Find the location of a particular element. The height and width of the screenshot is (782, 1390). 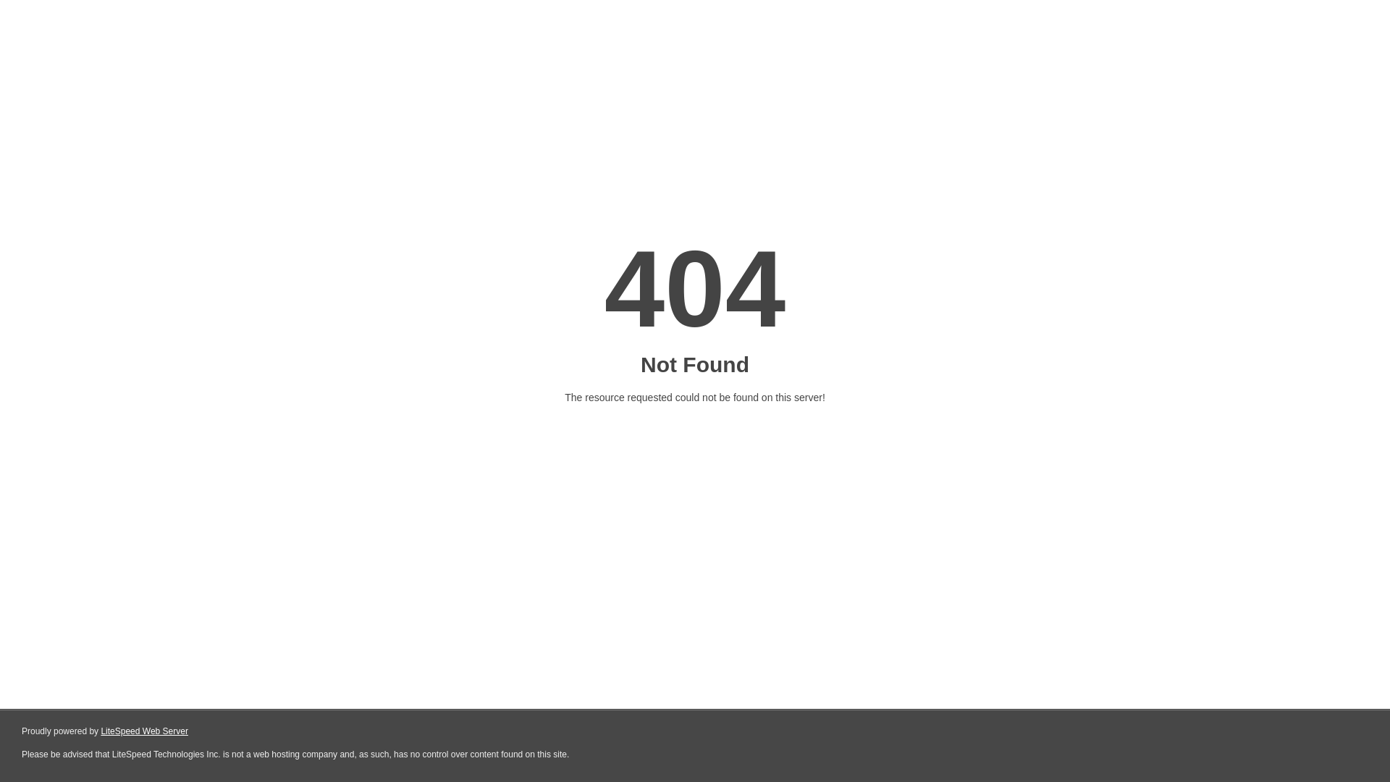

'LiteSpeed Web Server' is located at coordinates (100, 731).